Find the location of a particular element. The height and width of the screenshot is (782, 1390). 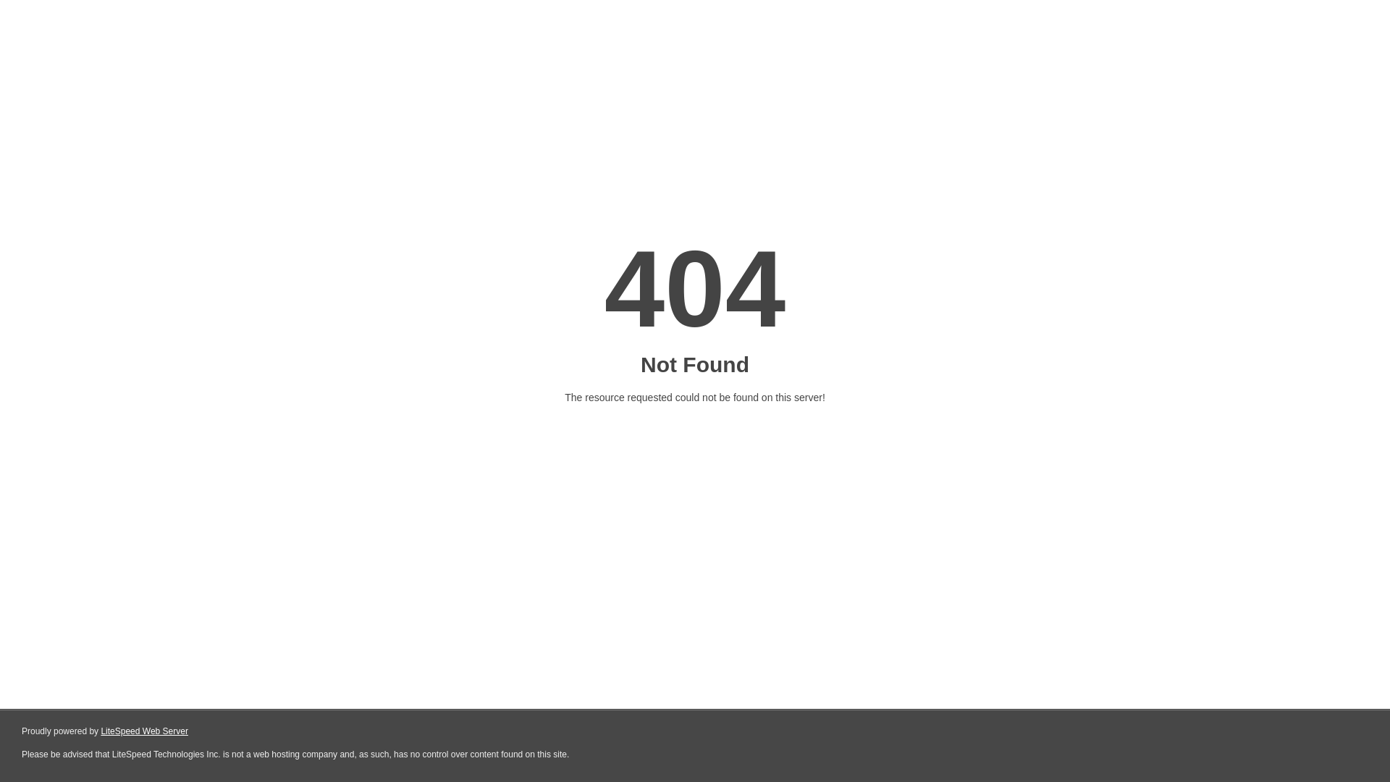

'LiteSpeed Web Server' is located at coordinates (100, 731).